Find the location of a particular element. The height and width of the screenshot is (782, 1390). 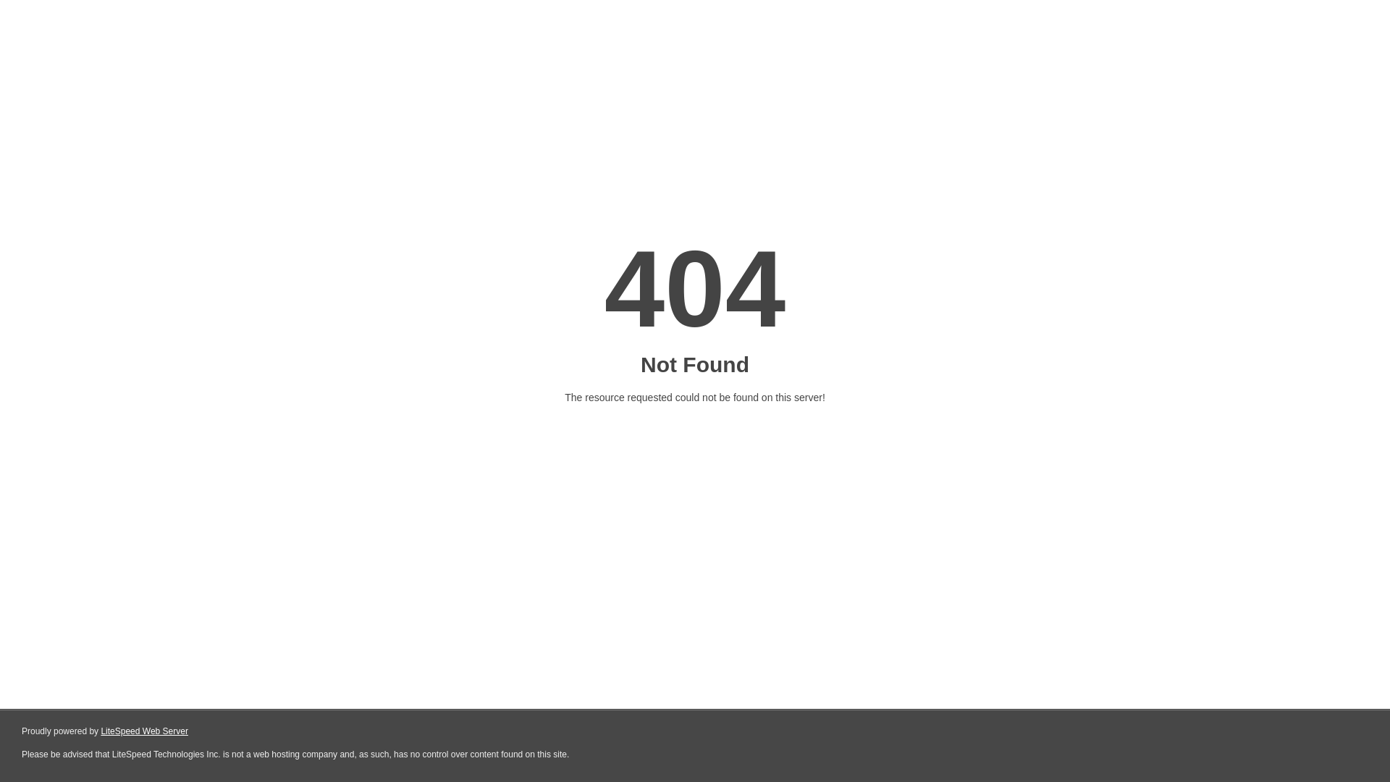

'LiteSpeed Web Server' is located at coordinates (100, 731).